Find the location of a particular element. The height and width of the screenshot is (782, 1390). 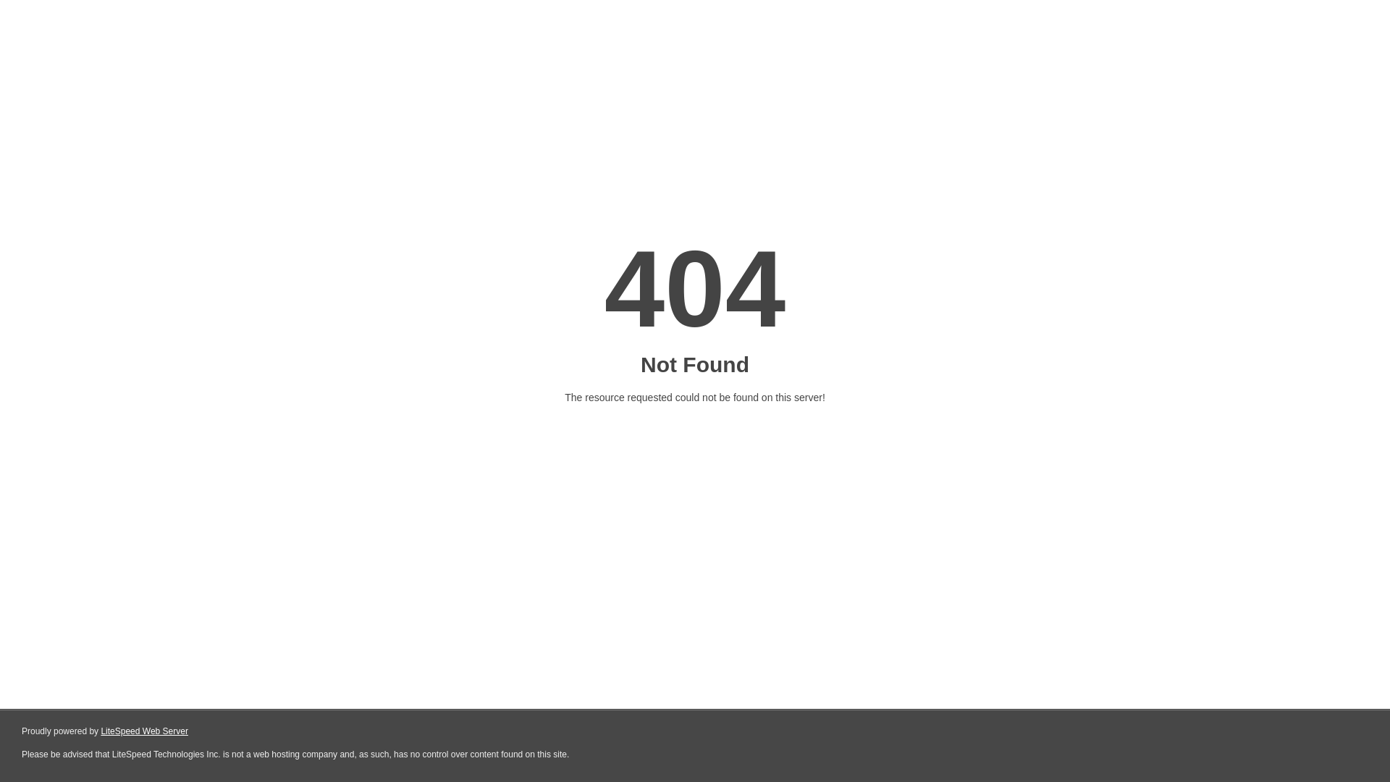

'LiteSpeed Web Server' is located at coordinates (100, 731).